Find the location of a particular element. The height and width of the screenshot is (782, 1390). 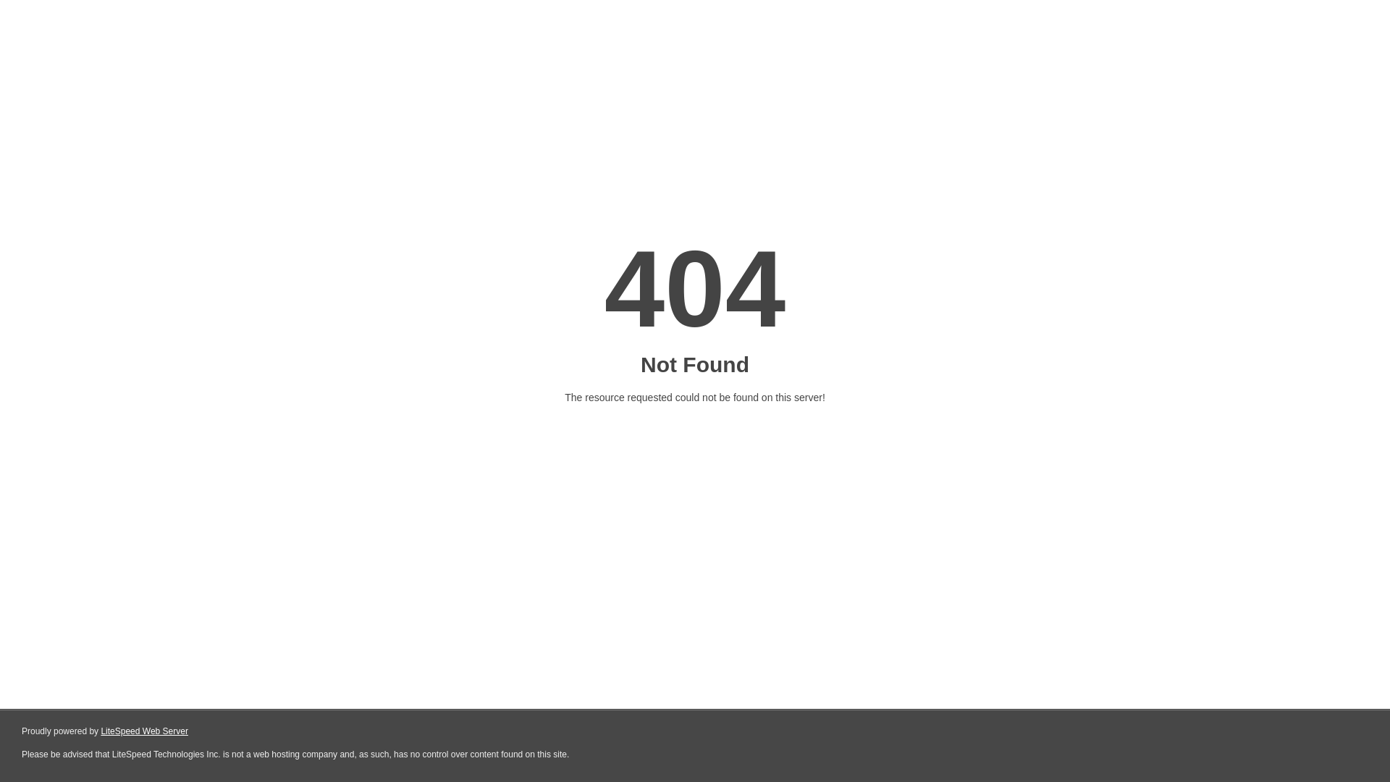

'LiteSpeed Web Server' is located at coordinates (100, 731).